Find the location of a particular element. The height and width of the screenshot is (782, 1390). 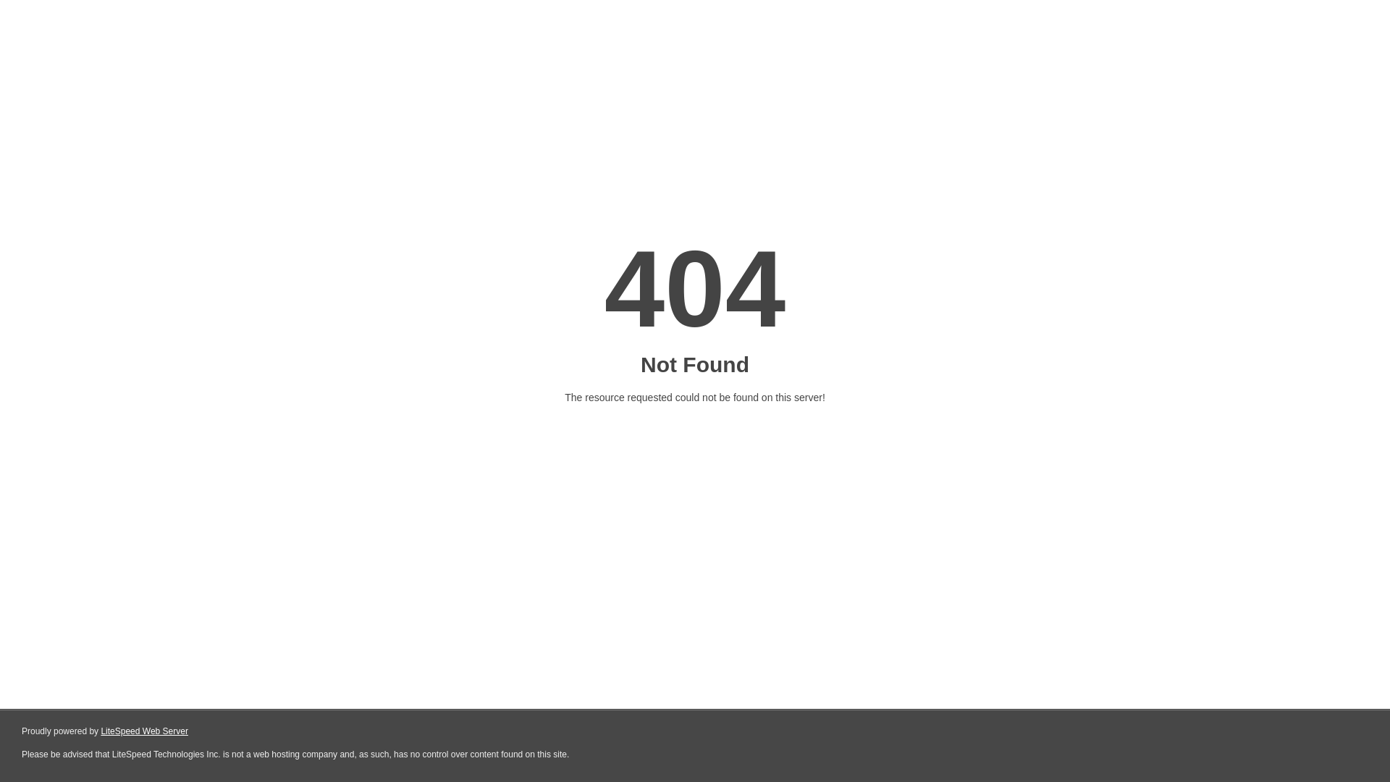

'LiteSpeed Web Server' is located at coordinates (100, 731).